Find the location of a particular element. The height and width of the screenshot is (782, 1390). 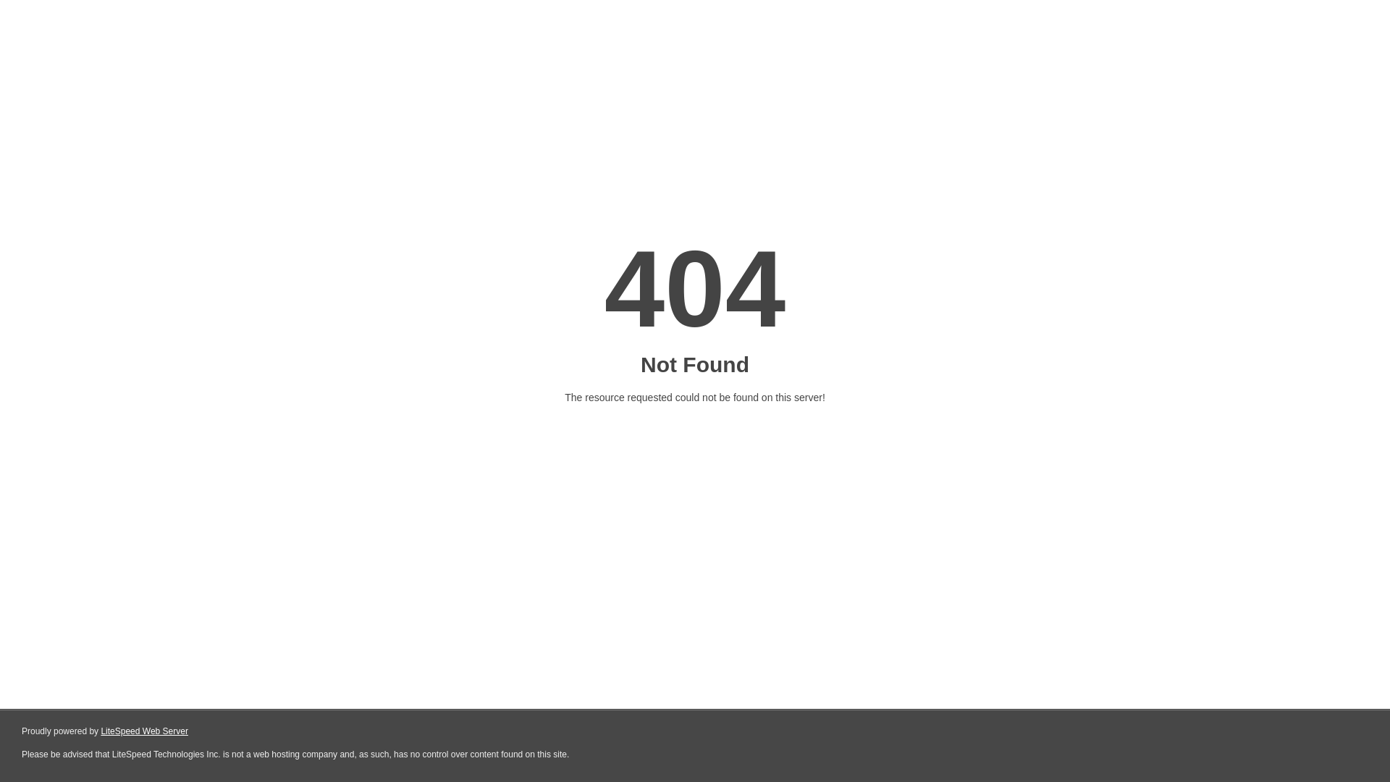

'LiteSpeed Web Server' is located at coordinates (100, 731).